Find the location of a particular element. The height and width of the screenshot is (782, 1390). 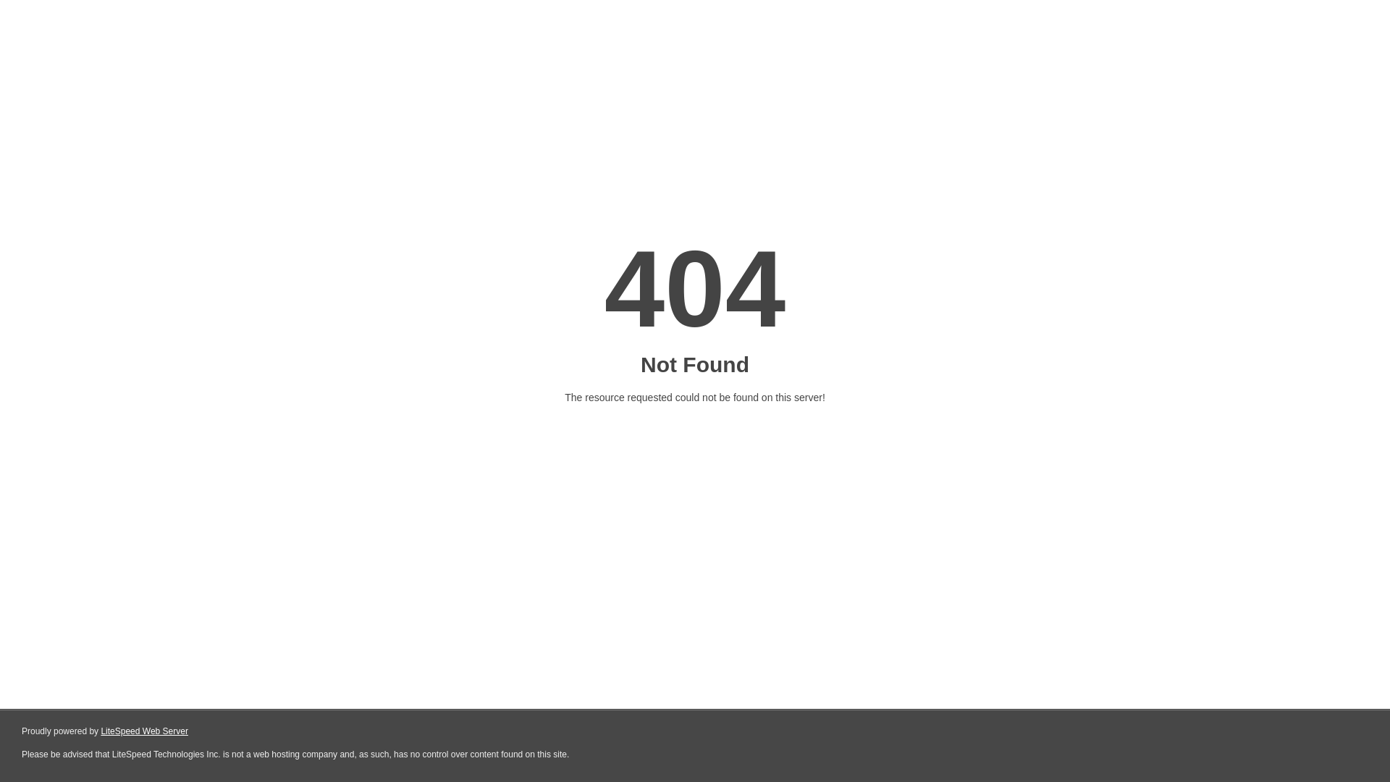

'LiteSpeed Web Server' is located at coordinates (100, 731).